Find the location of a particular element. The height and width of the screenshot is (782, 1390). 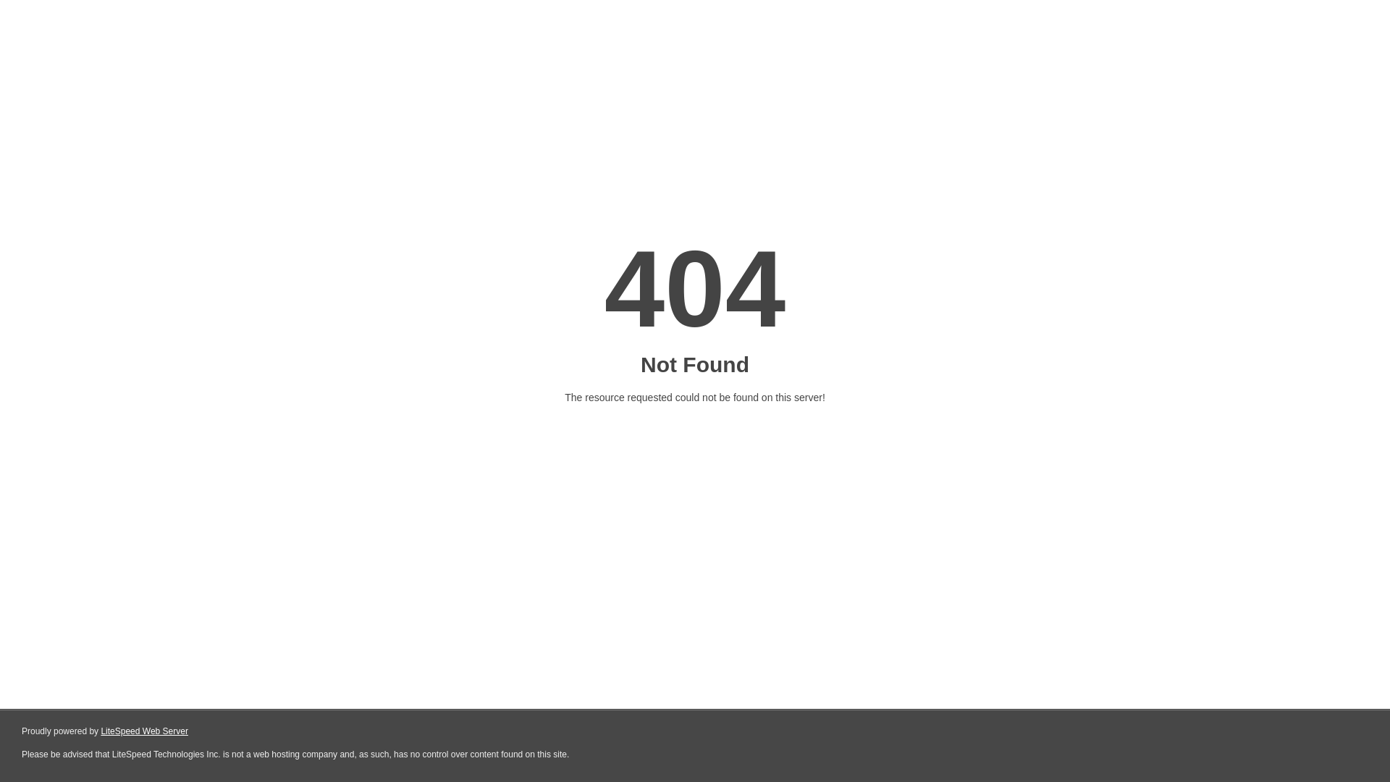

'LiteSpeed Web Server' is located at coordinates (100, 731).